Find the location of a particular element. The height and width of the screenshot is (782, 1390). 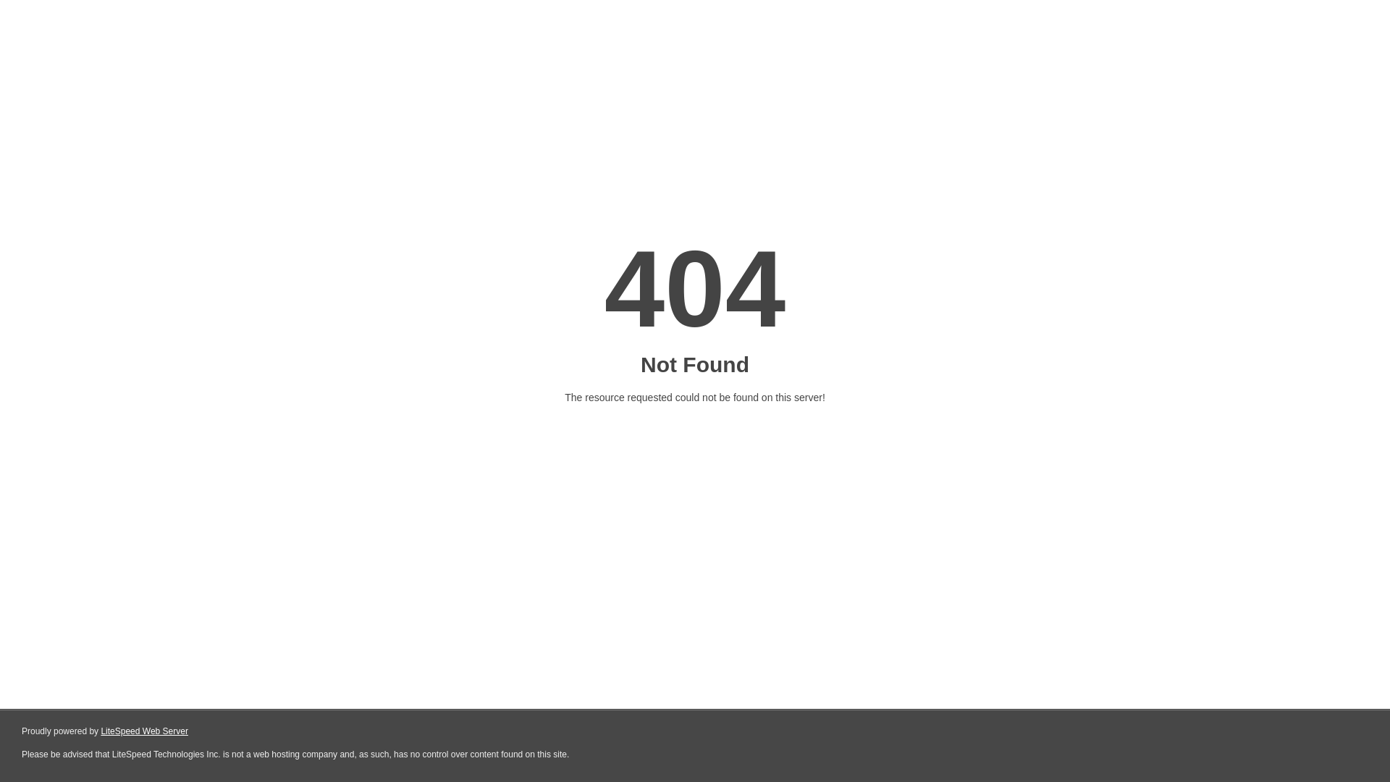

'LiteSpeed Web Server' is located at coordinates (100, 731).